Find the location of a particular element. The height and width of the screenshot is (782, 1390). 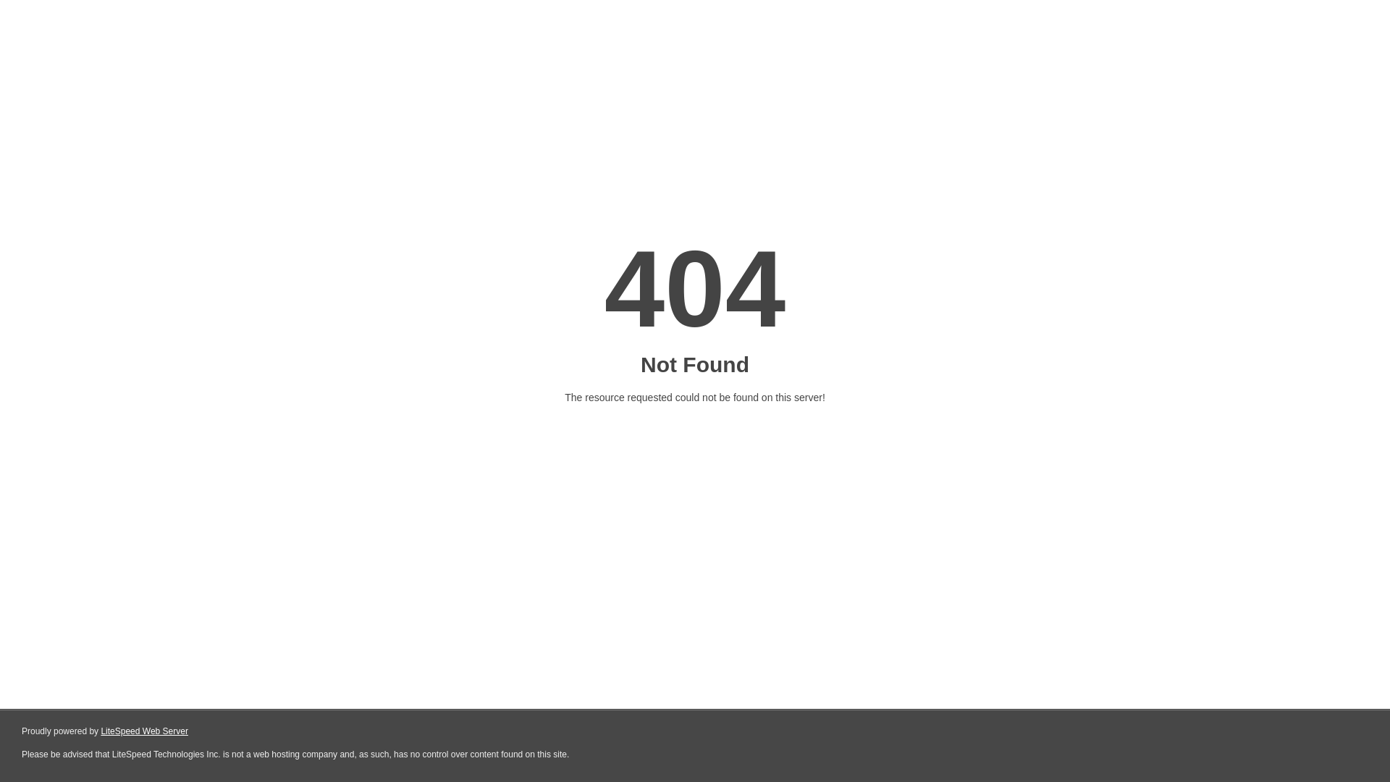

'LiteSpeed Web Server' is located at coordinates (100, 731).